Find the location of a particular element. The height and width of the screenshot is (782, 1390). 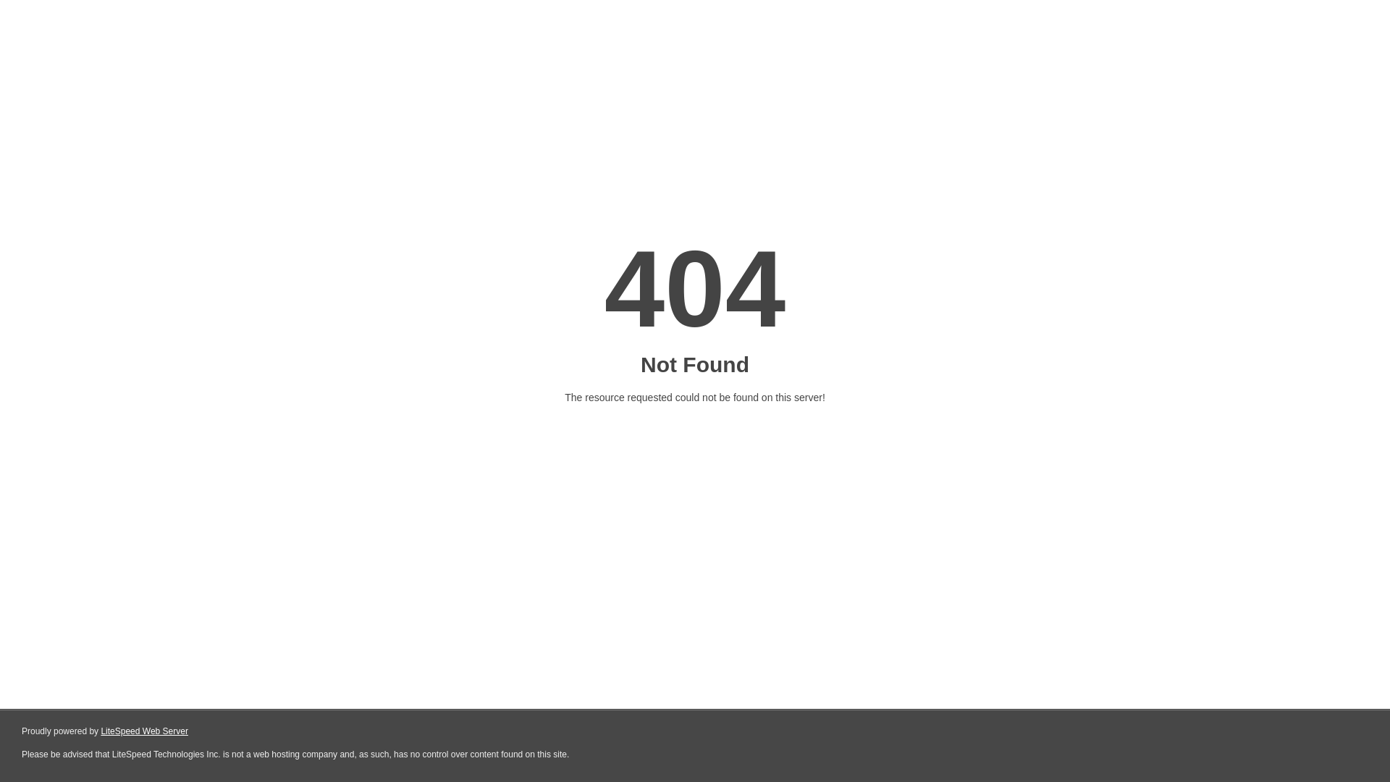

'LiteSpeed Web Server' is located at coordinates (100, 731).